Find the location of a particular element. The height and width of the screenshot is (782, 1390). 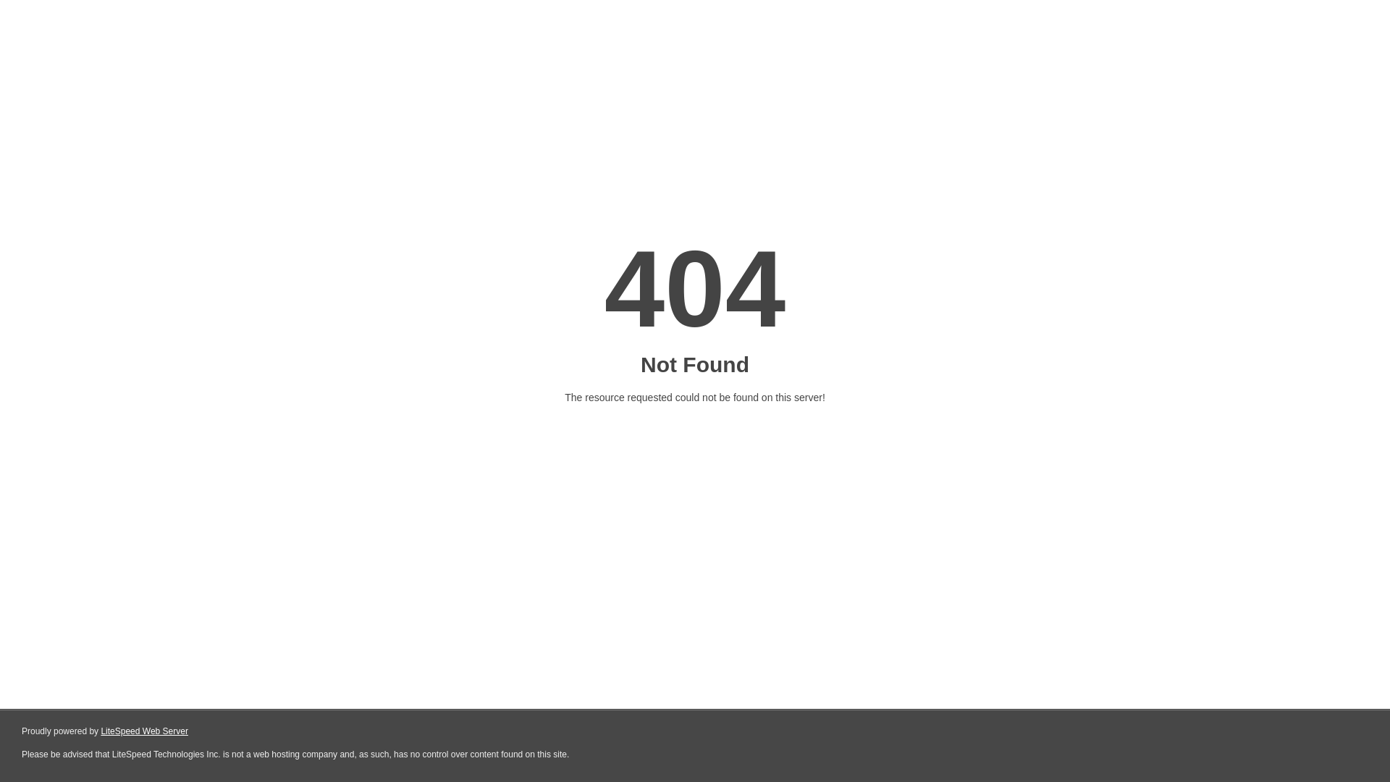

'LiteSpeed Web Server' is located at coordinates (100, 731).